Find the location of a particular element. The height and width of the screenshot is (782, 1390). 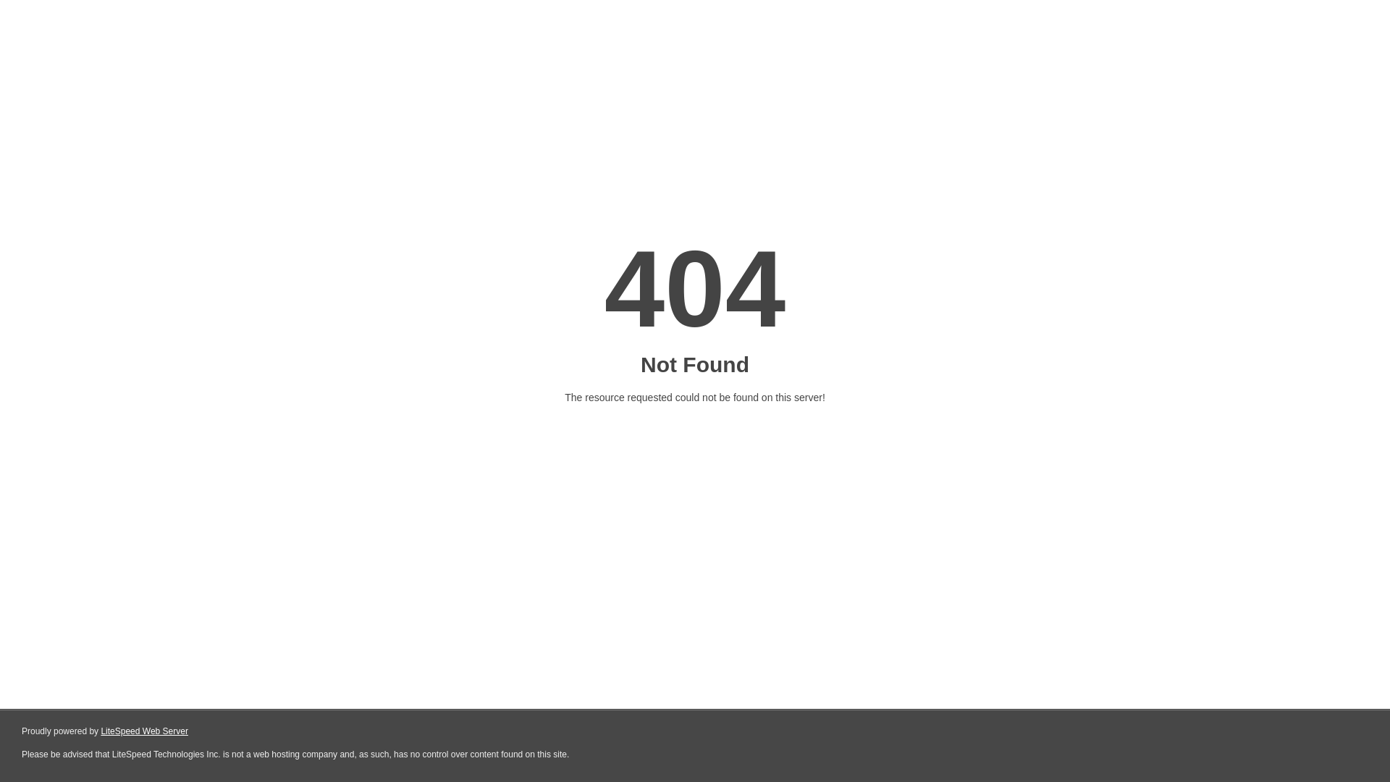

'LiteSpeed Web Server' is located at coordinates (100, 731).